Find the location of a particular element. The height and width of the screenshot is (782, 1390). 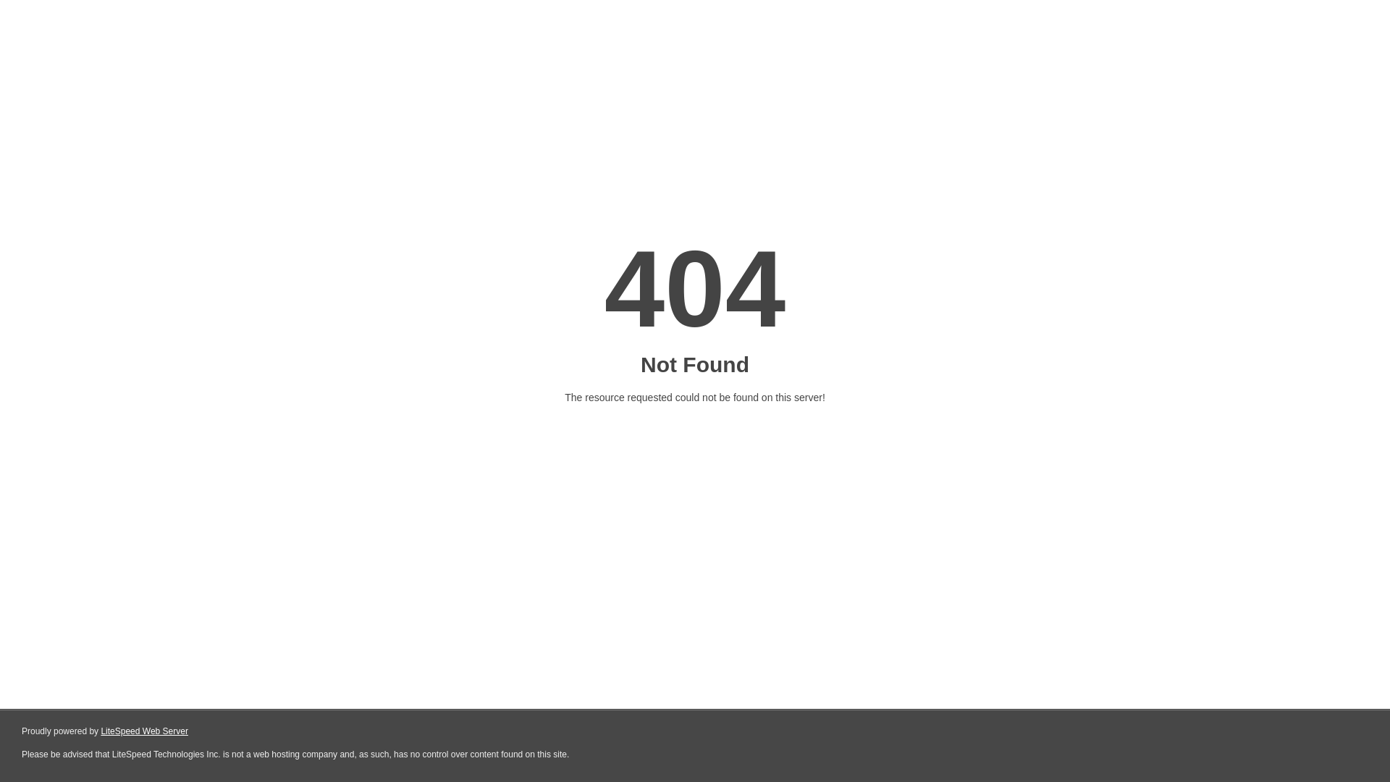

'LiteSpeed Web Server' is located at coordinates (100, 731).